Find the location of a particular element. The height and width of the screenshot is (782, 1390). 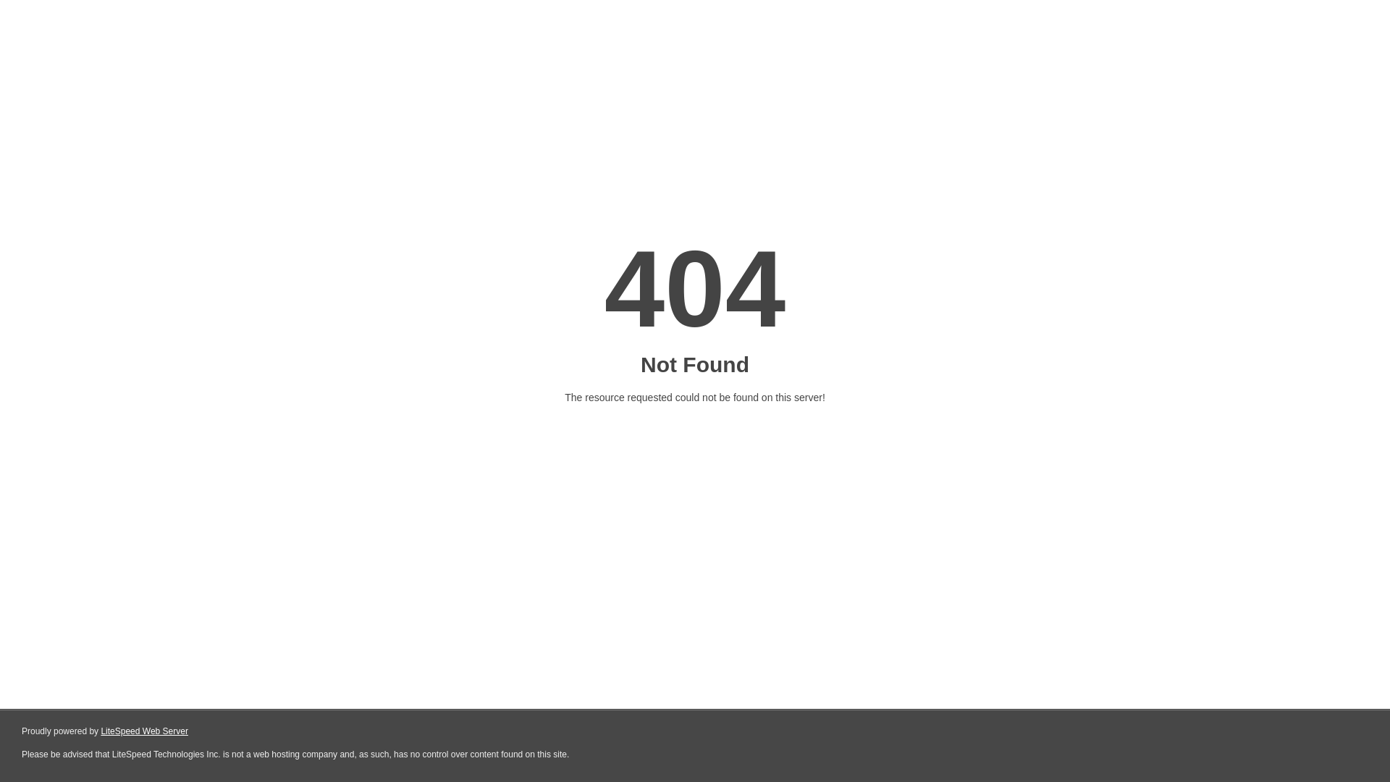

'LiteSpeed Web Server' is located at coordinates (100, 731).